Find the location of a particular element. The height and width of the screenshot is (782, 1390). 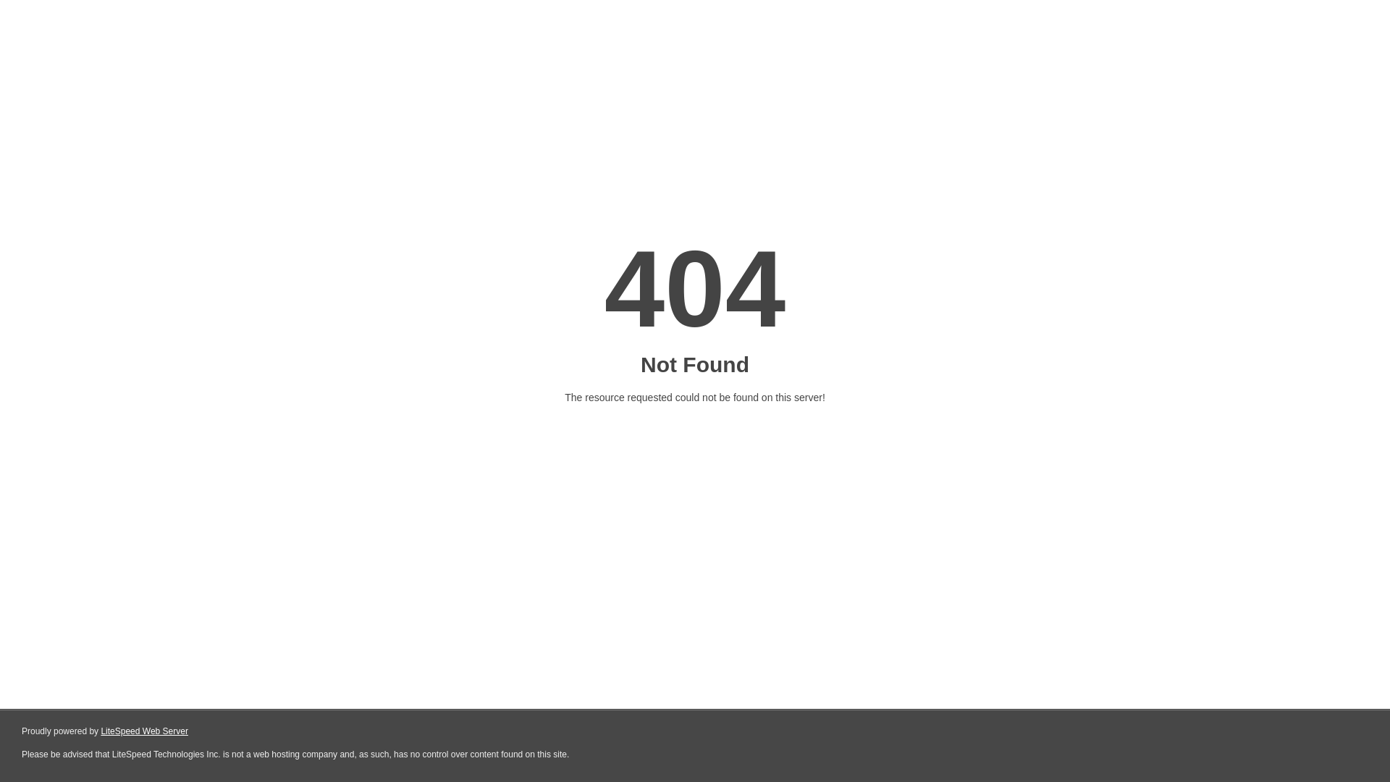

'LiteSpeed Web Server' is located at coordinates (100, 731).